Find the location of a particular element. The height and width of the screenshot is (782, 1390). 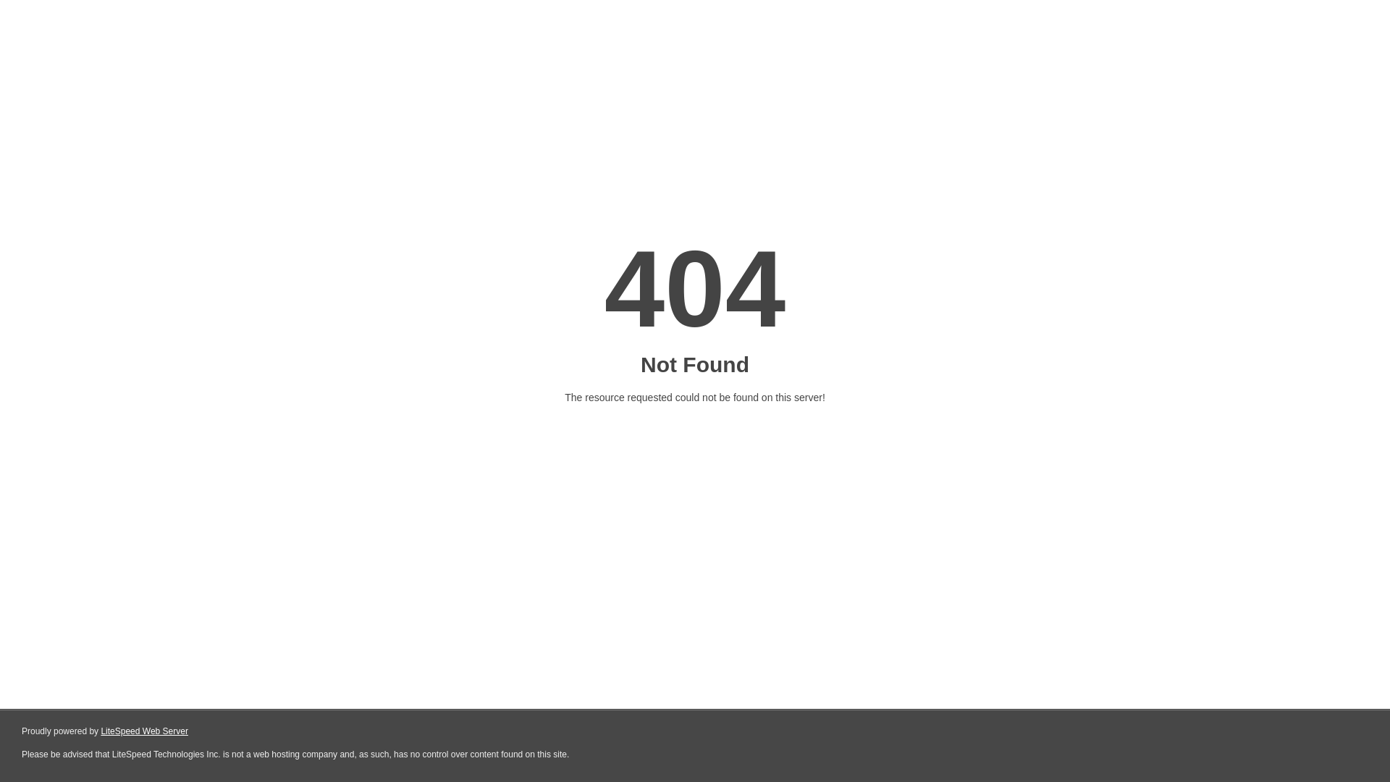

'LiteSpeed Web Server' is located at coordinates (100, 731).